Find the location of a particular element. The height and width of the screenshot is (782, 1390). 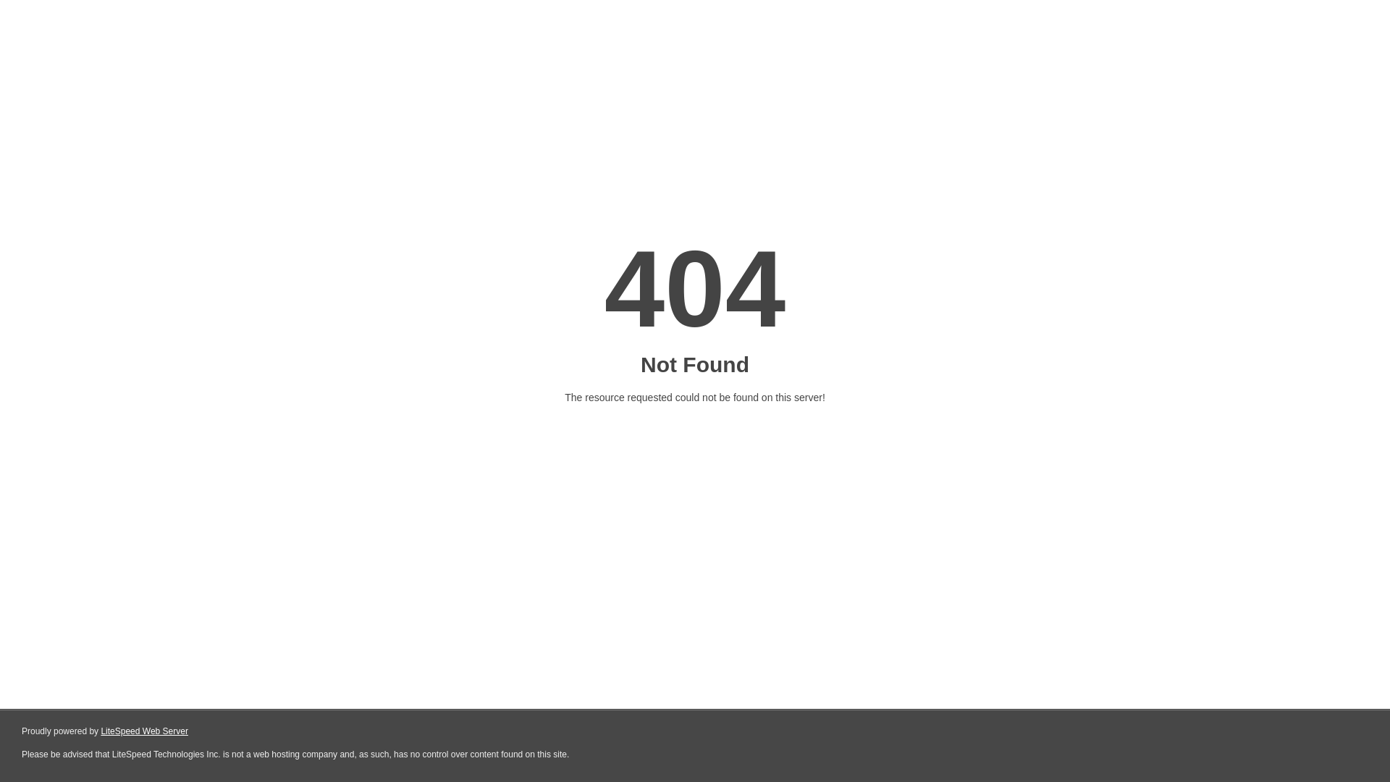

'LiteSpeed Web Server' is located at coordinates (100, 731).